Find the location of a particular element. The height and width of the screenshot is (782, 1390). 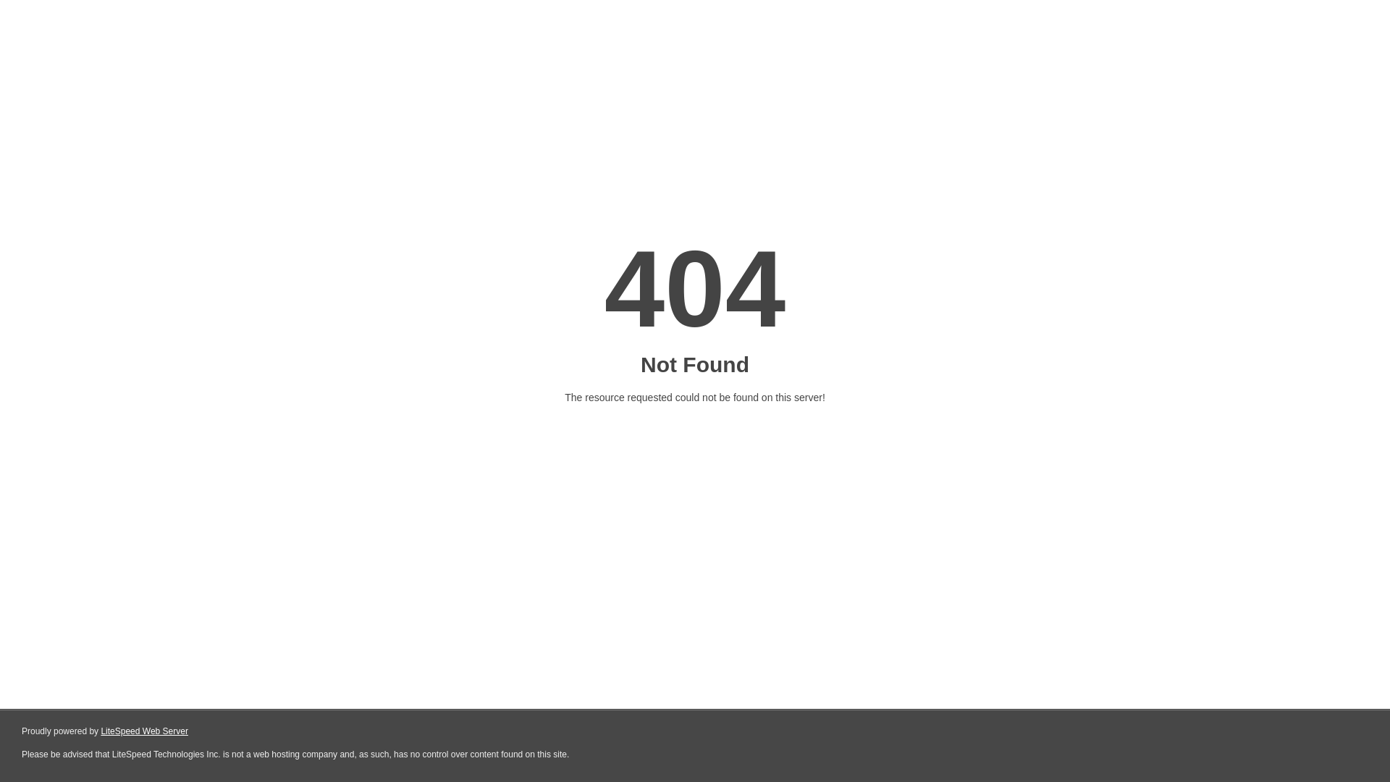

'LiteSpeed Web Server' is located at coordinates (100, 731).